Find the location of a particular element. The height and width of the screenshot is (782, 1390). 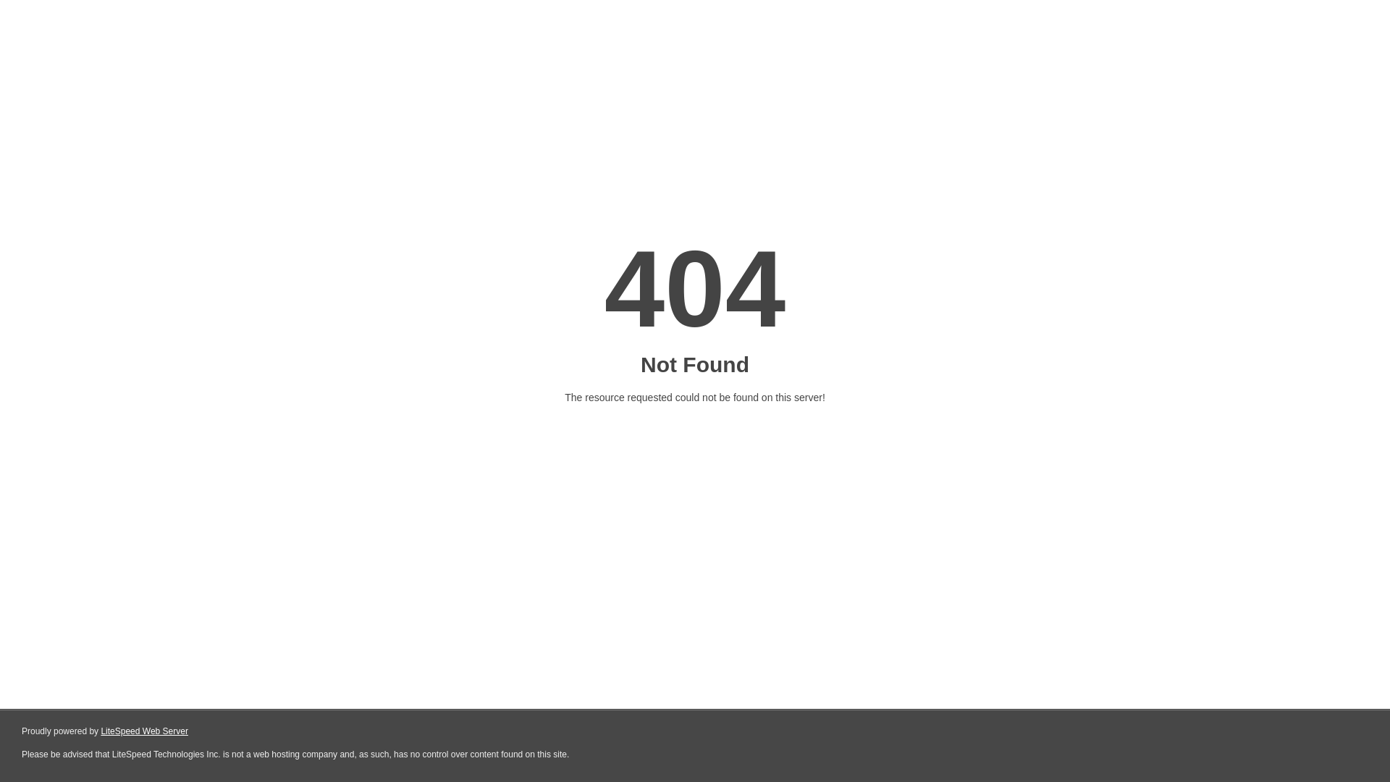

'LiteSpeed Web Server' is located at coordinates (100, 731).